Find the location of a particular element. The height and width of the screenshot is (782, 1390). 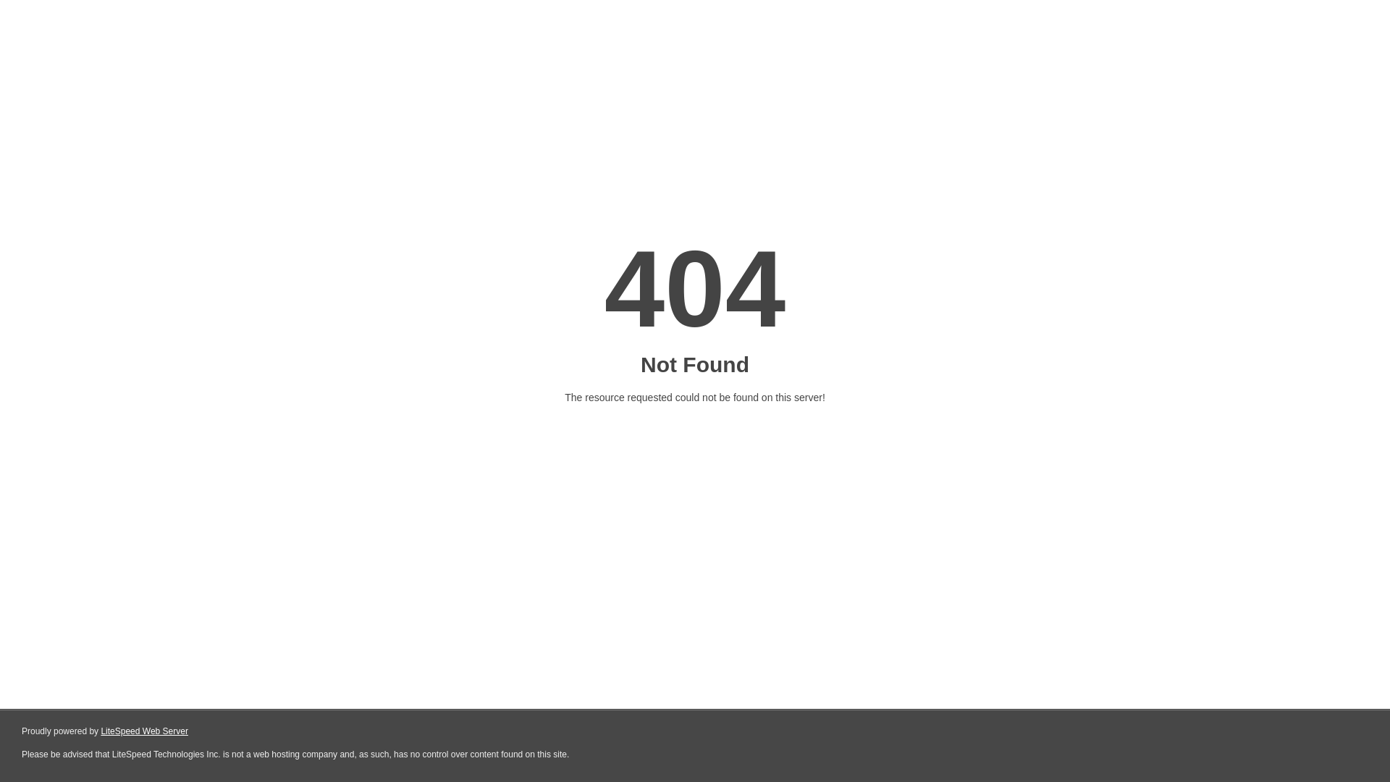

'LiteSpeed Web Server' is located at coordinates (100, 731).